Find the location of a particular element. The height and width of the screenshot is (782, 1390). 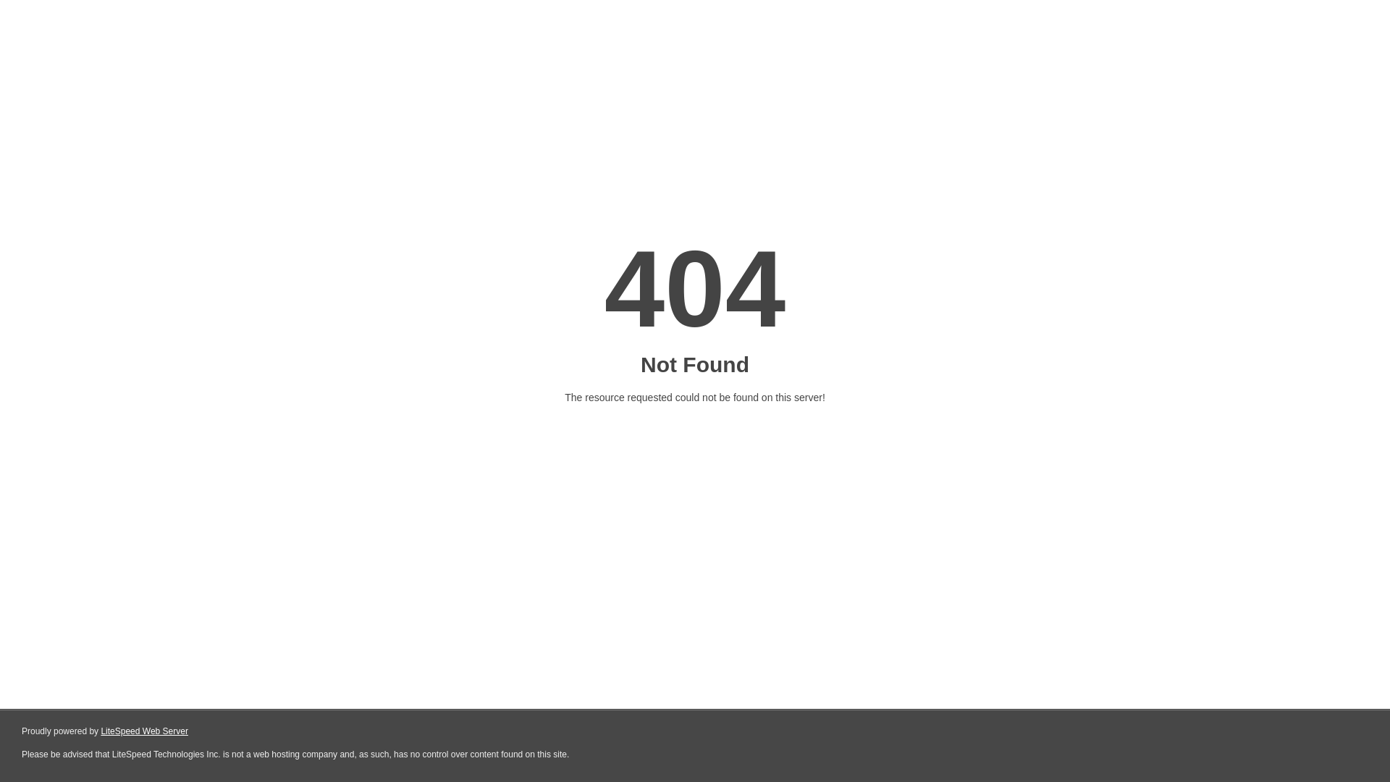

'LiteSpeed Web Server' is located at coordinates (100, 731).